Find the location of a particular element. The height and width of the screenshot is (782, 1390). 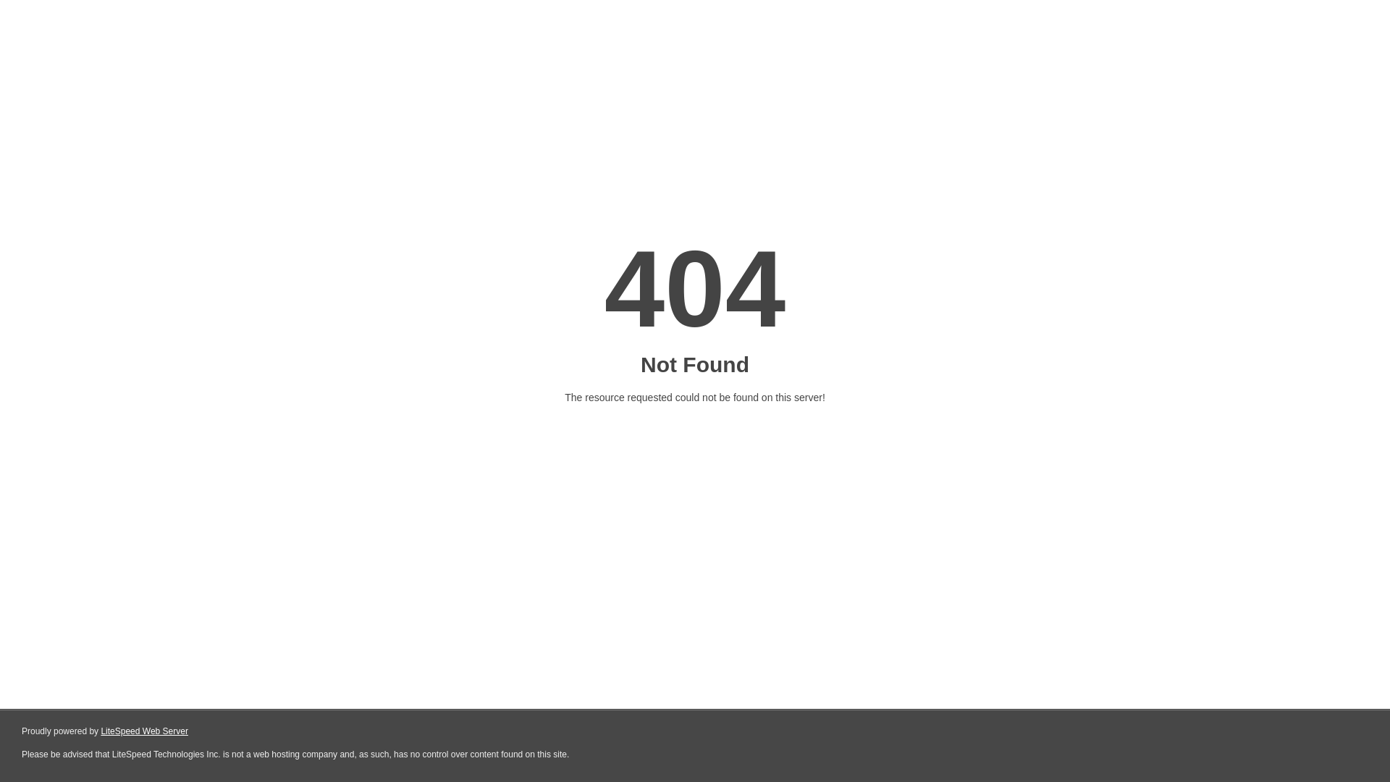

'LiteSpeed Web Server' is located at coordinates (100, 731).